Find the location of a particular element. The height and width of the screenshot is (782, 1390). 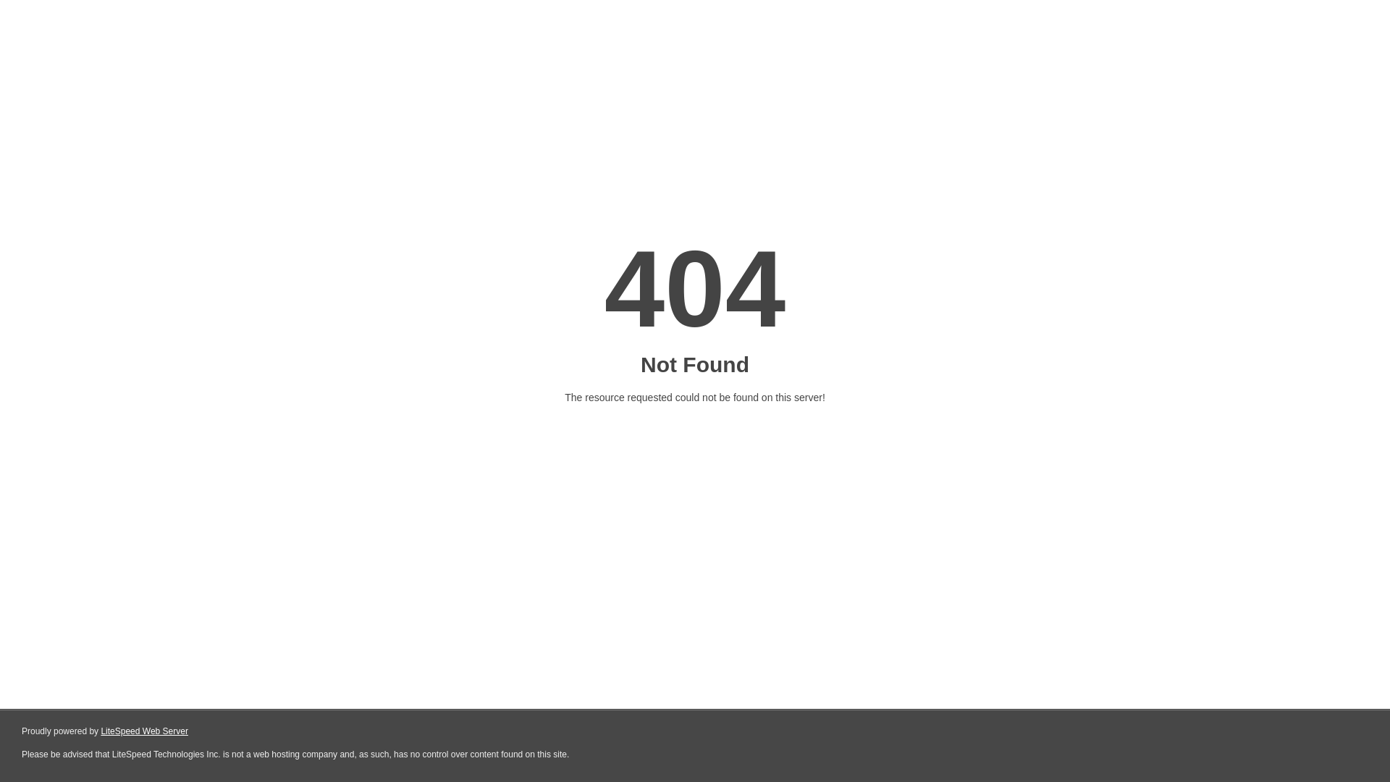

'LiteSpeed Web Server' is located at coordinates (100, 731).